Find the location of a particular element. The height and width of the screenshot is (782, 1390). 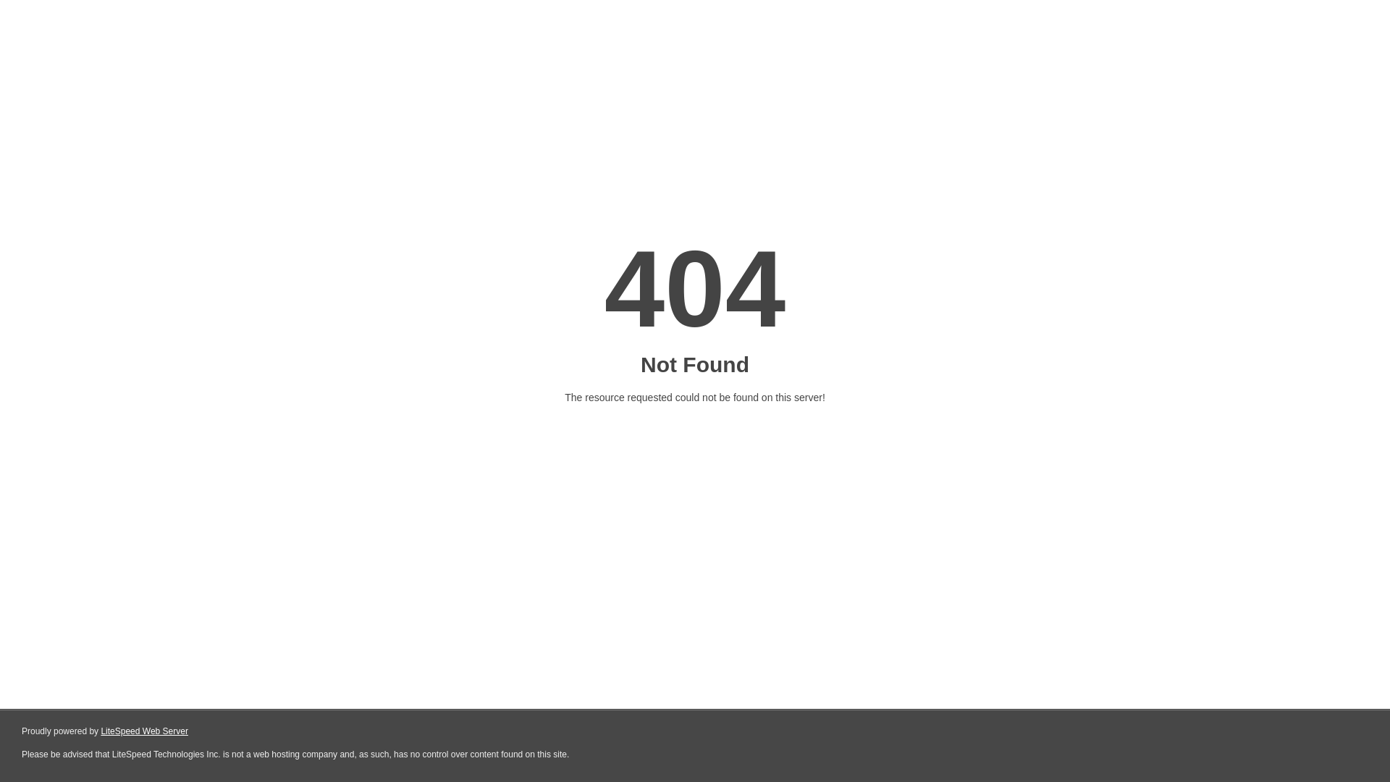

'LiteSpeed Web Server' is located at coordinates (100, 731).